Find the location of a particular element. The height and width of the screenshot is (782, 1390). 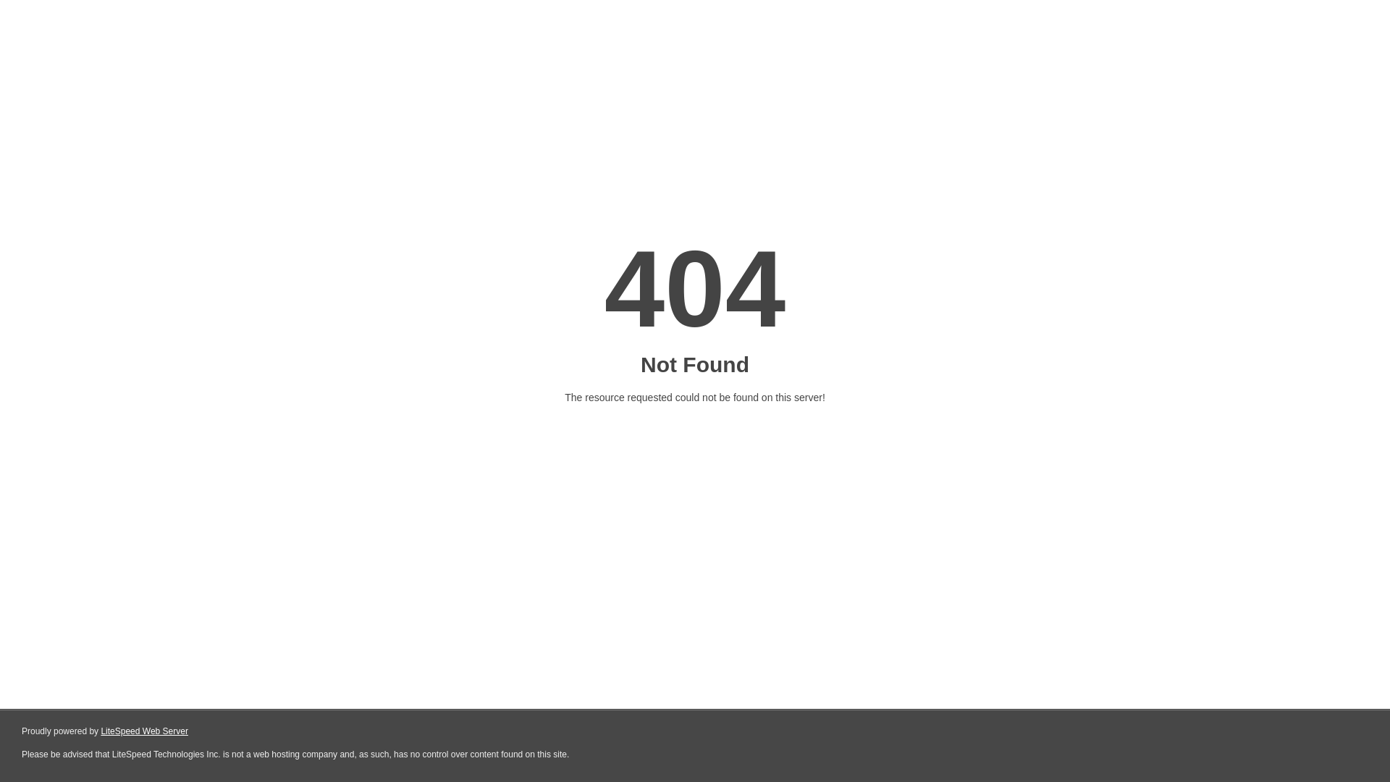

'LiteSpeed Web Server' is located at coordinates (100, 731).